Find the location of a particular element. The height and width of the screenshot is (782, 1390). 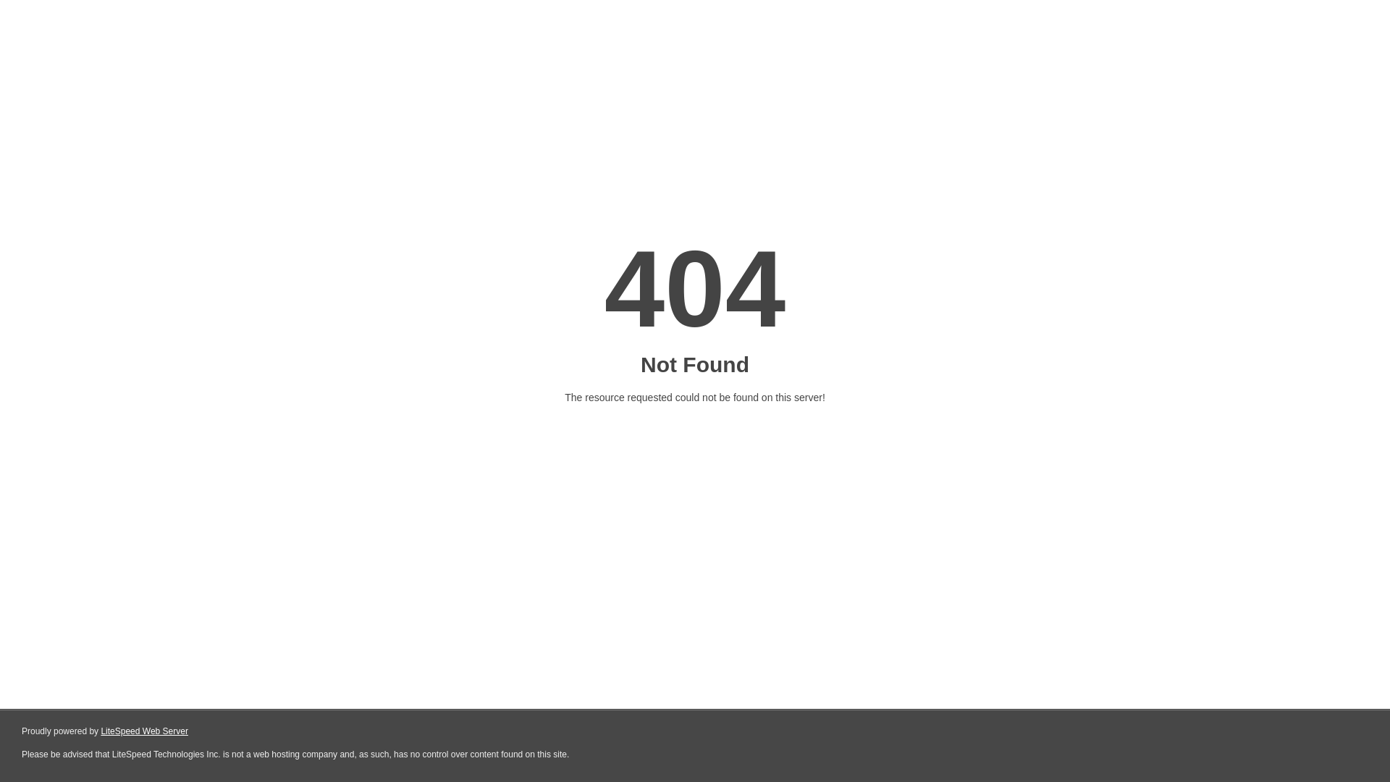

'LiteSpeed Web Server' is located at coordinates (100, 731).